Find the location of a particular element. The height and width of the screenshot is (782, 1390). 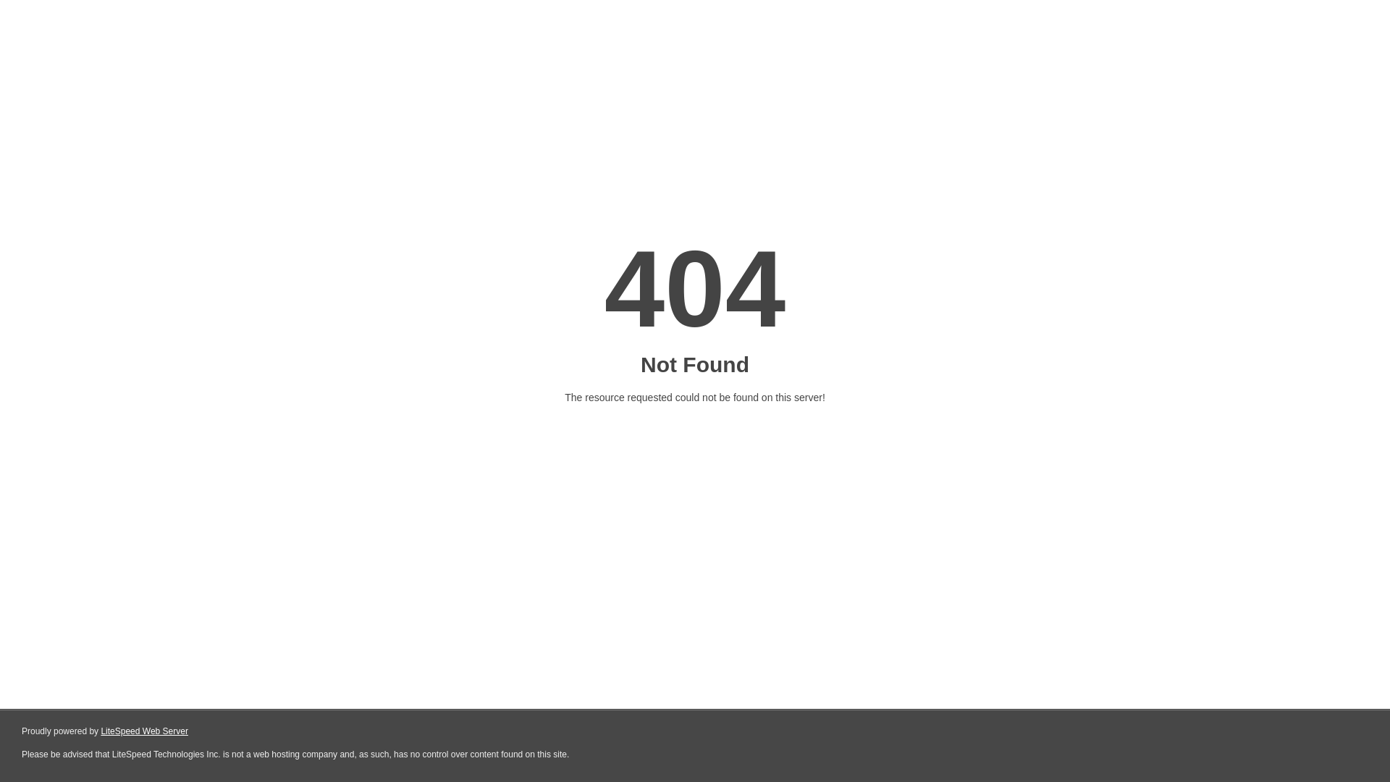

'LiteSpeed Web Server' is located at coordinates (100, 731).